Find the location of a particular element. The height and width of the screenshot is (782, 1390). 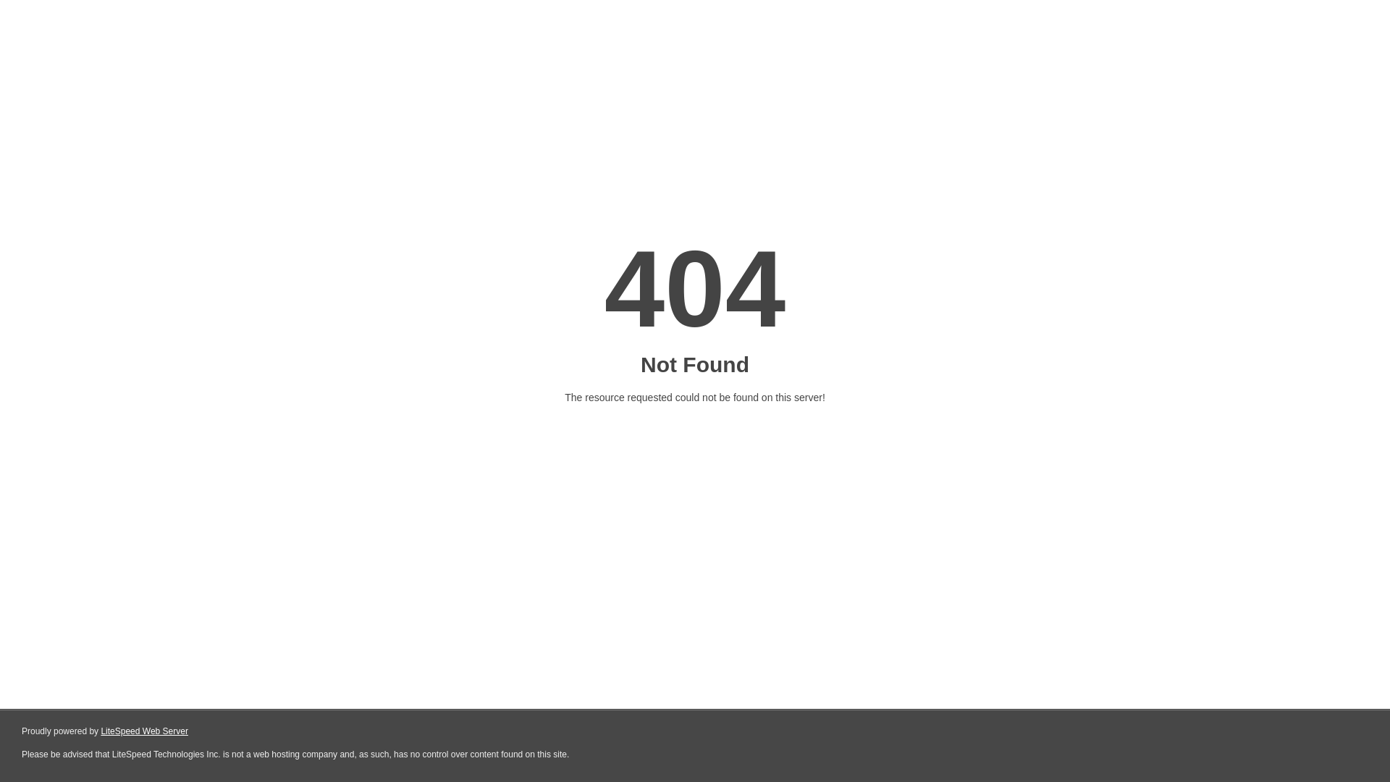

'LiteSpeed Web Server' is located at coordinates (100, 731).